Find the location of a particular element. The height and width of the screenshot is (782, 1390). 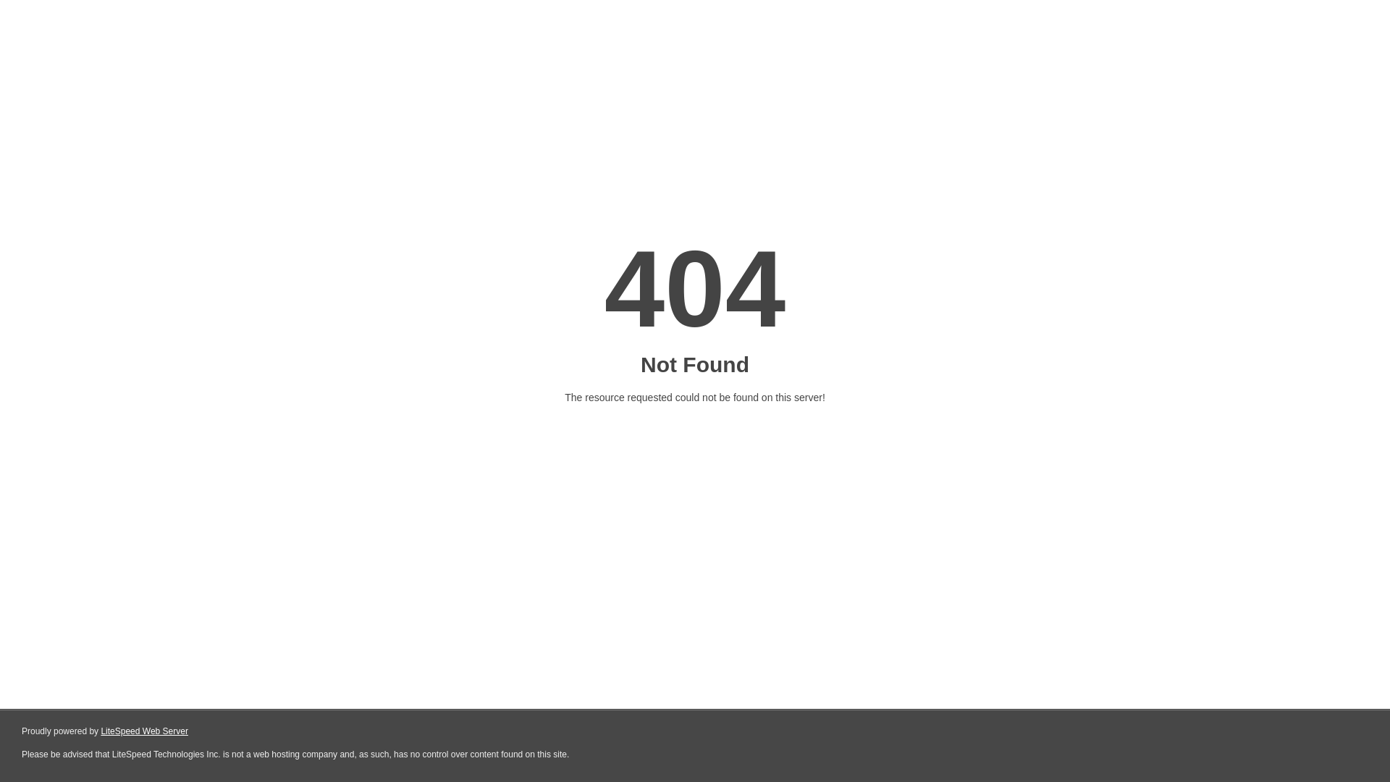

'LiteSpeed Web Server' is located at coordinates (100, 731).